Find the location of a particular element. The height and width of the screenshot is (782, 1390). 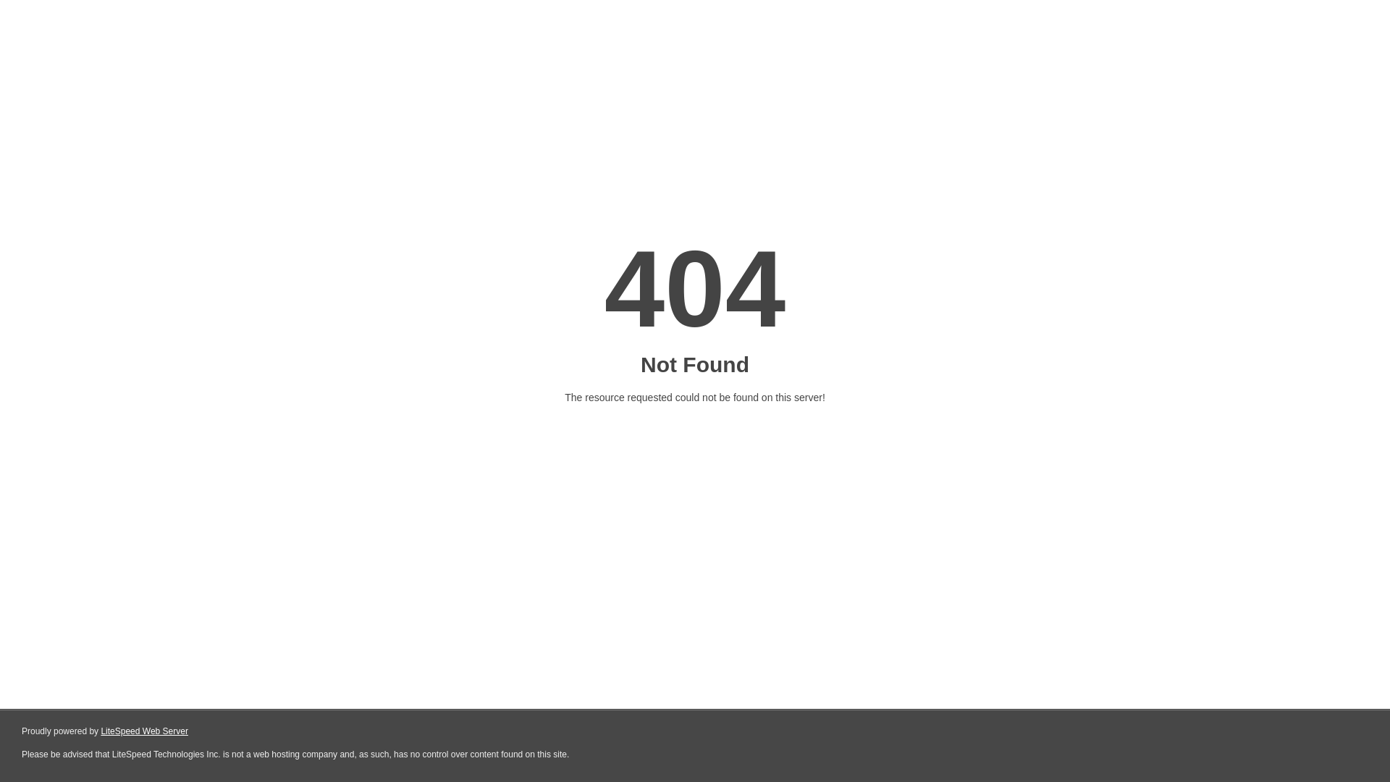

'LiteSpeed Web Server' is located at coordinates (100, 731).